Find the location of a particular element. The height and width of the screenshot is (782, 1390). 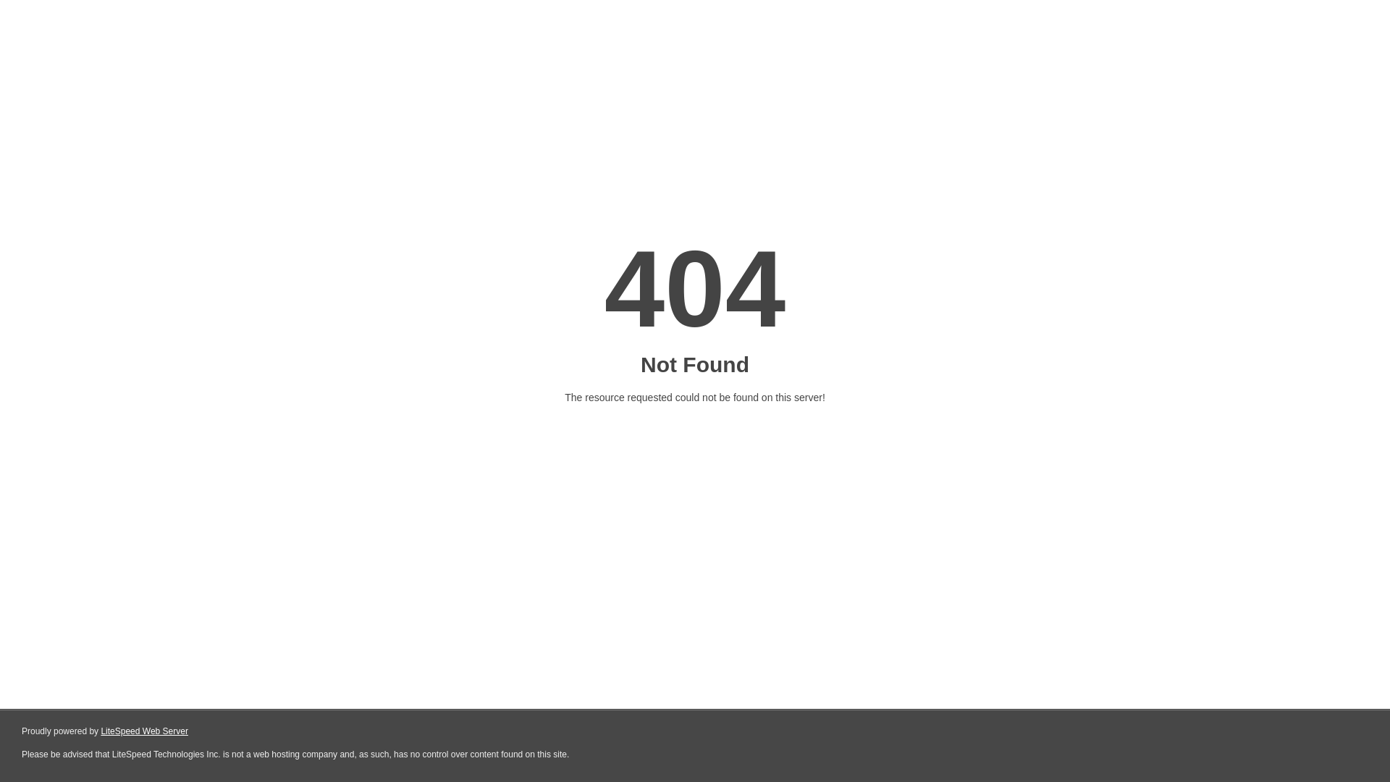

'LiteSpeed Web Server' is located at coordinates (100, 731).